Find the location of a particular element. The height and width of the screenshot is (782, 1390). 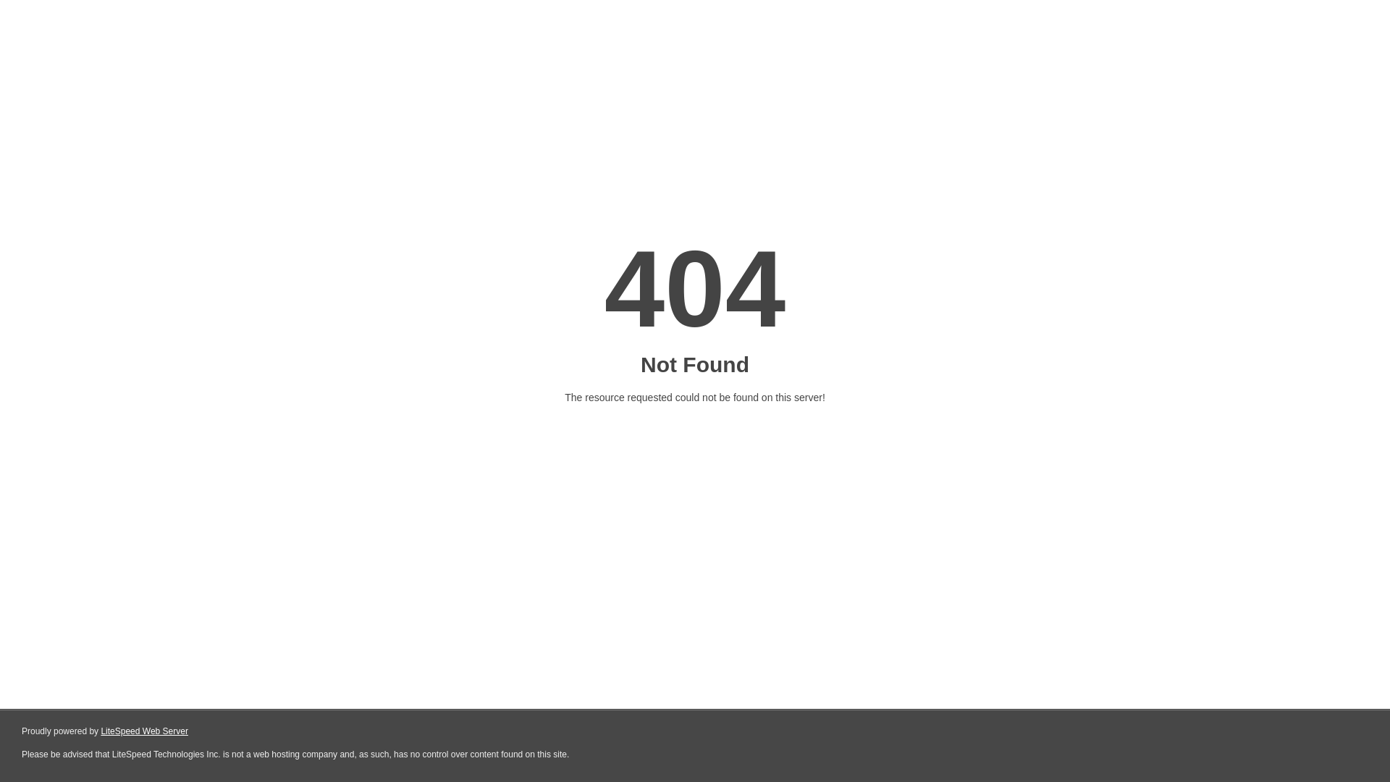

'LiteSpeed Web Server' is located at coordinates (100, 731).